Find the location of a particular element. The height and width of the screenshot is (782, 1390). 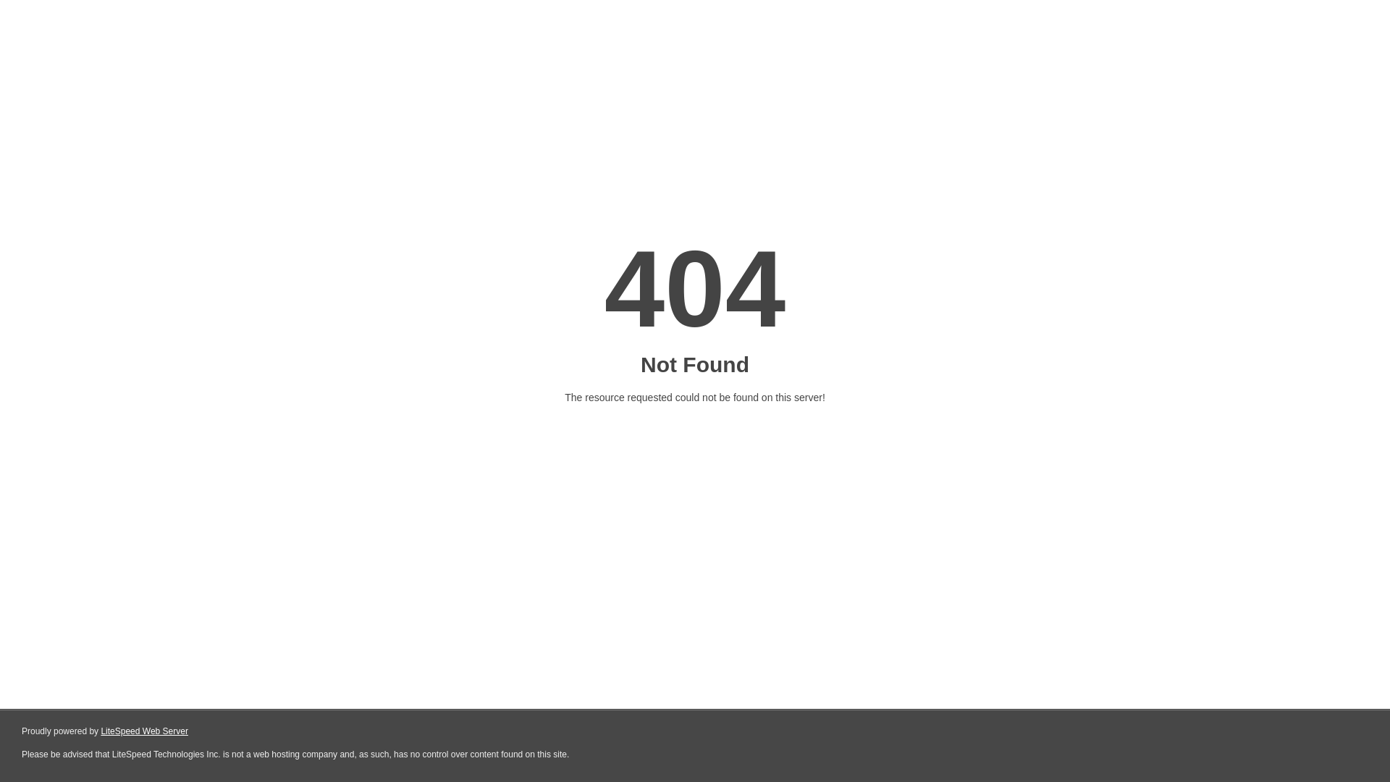

'LiteSpeed Web Server' is located at coordinates (100, 731).